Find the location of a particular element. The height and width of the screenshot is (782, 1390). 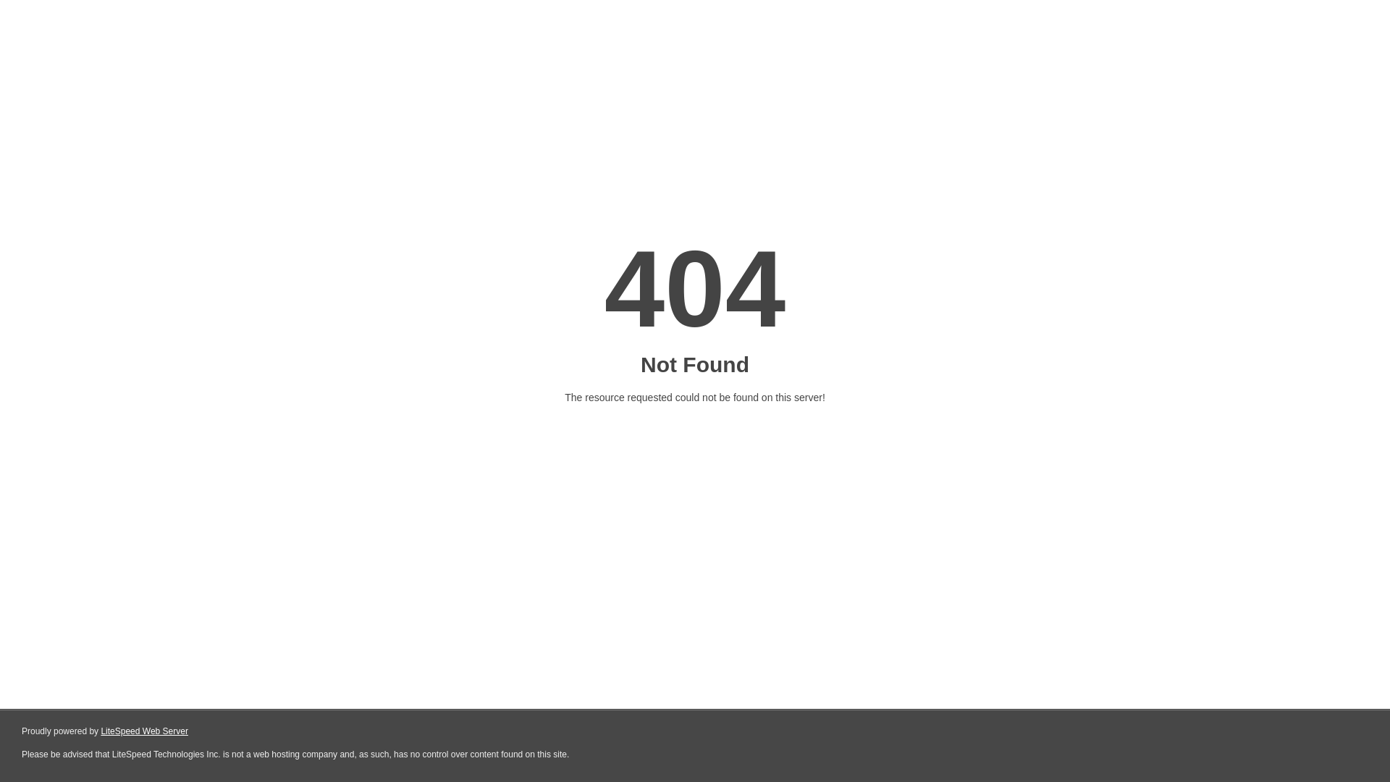

'LiteSpeed Web Server' is located at coordinates (100, 731).